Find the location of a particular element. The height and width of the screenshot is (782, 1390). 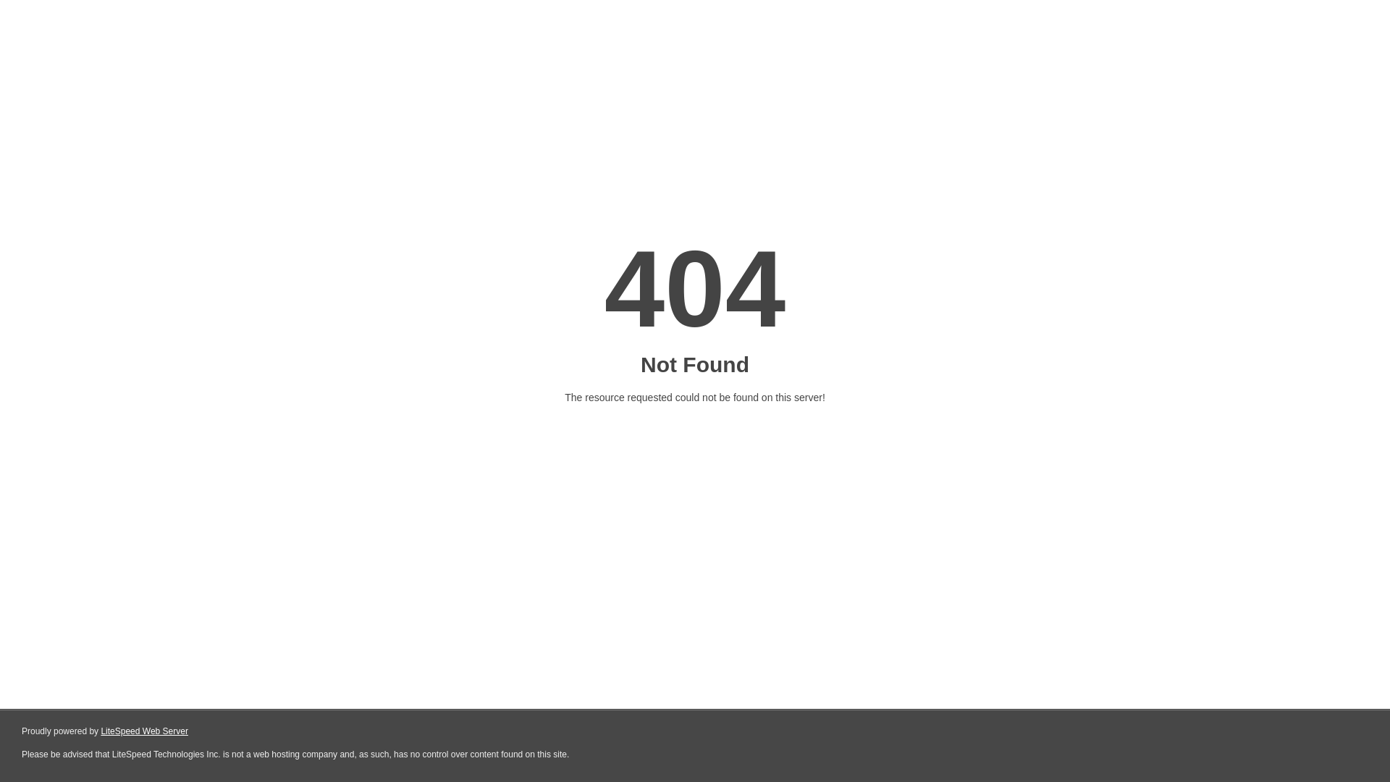

'LiteSpeed Web Server' is located at coordinates (100, 731).